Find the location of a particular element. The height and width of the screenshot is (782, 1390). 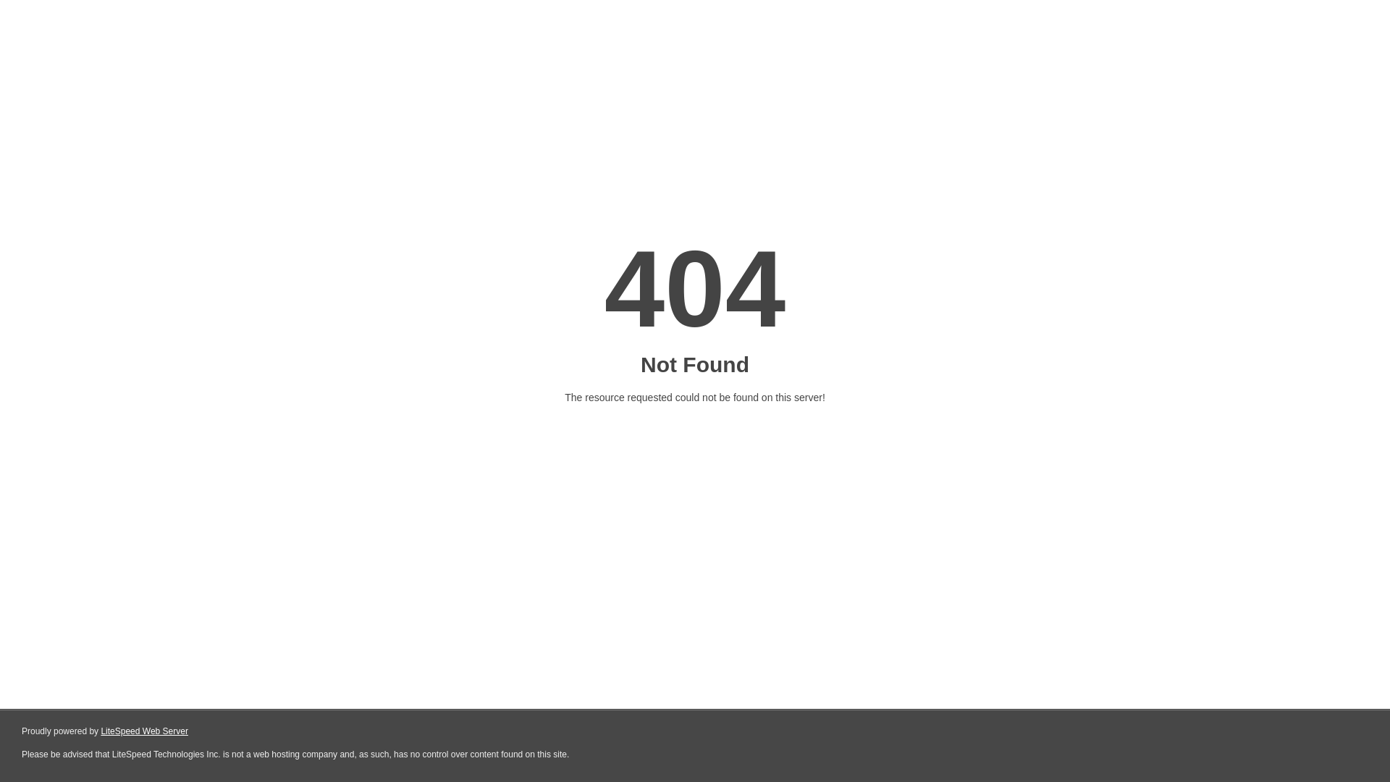

'LiteSpeed Web Server' is located at coordinates (100, 731).